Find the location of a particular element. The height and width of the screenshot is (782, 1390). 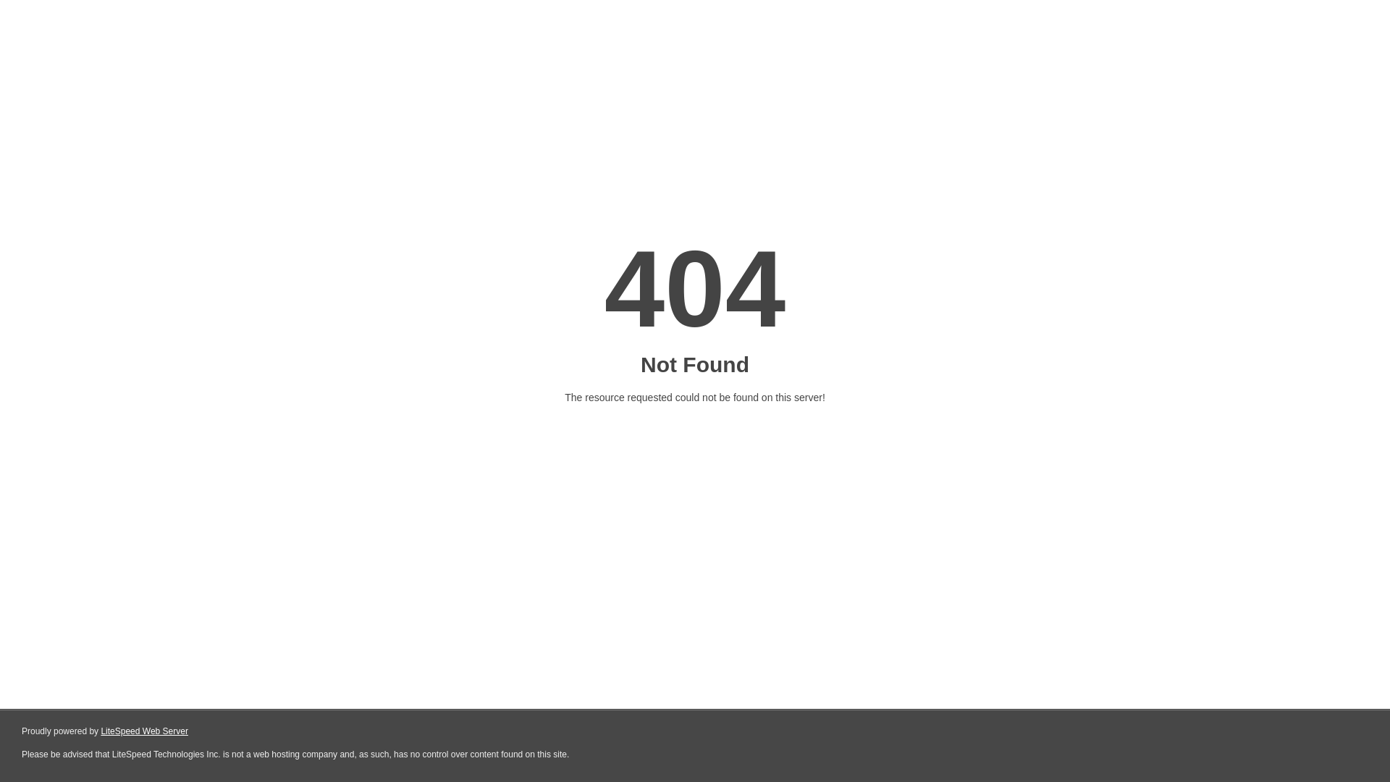

'LiteSpeed Web Server' is located at coordinates (100, 731).